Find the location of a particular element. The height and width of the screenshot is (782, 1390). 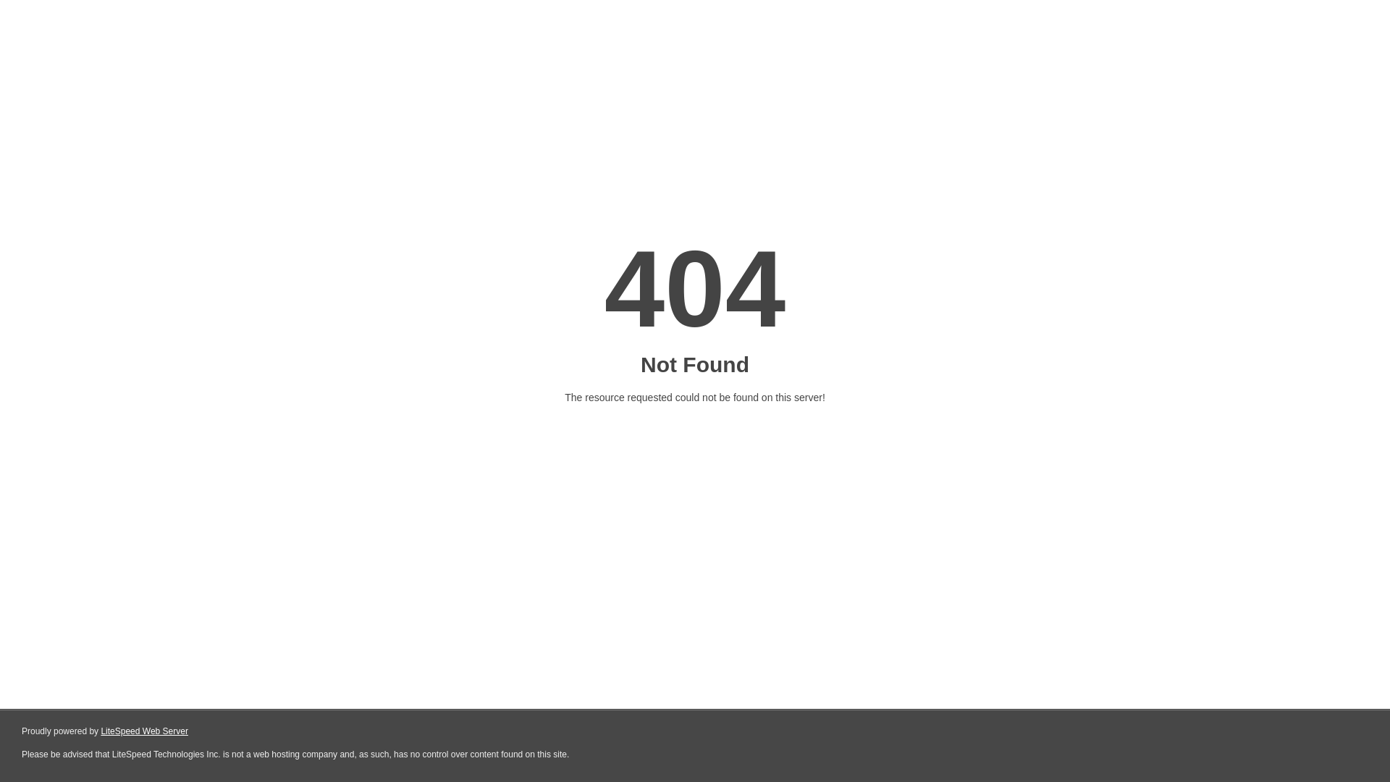

'LiteSpeed Web Server' is located at coordinates (100, 731).